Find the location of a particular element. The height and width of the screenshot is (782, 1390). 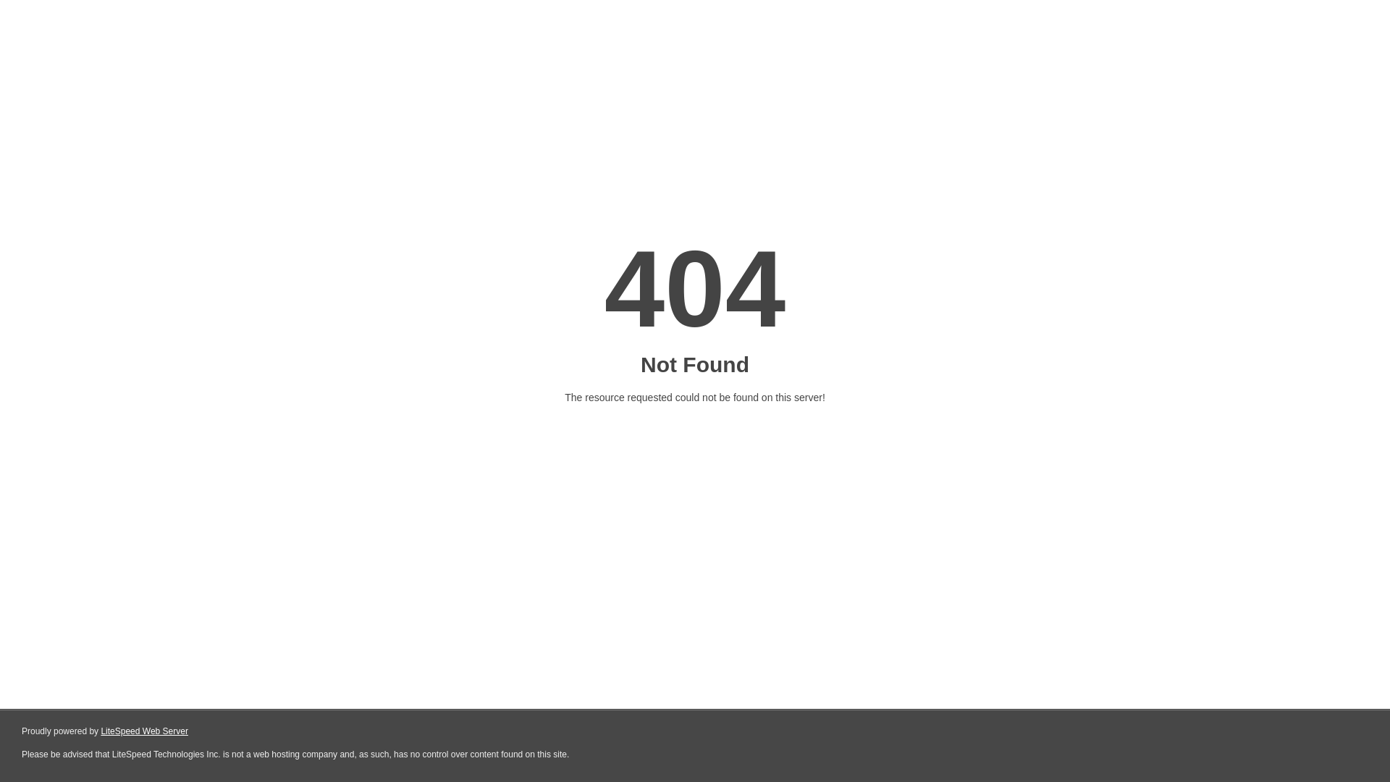

'LiteSpeed Web Server' is located at coordinates (100, 731).